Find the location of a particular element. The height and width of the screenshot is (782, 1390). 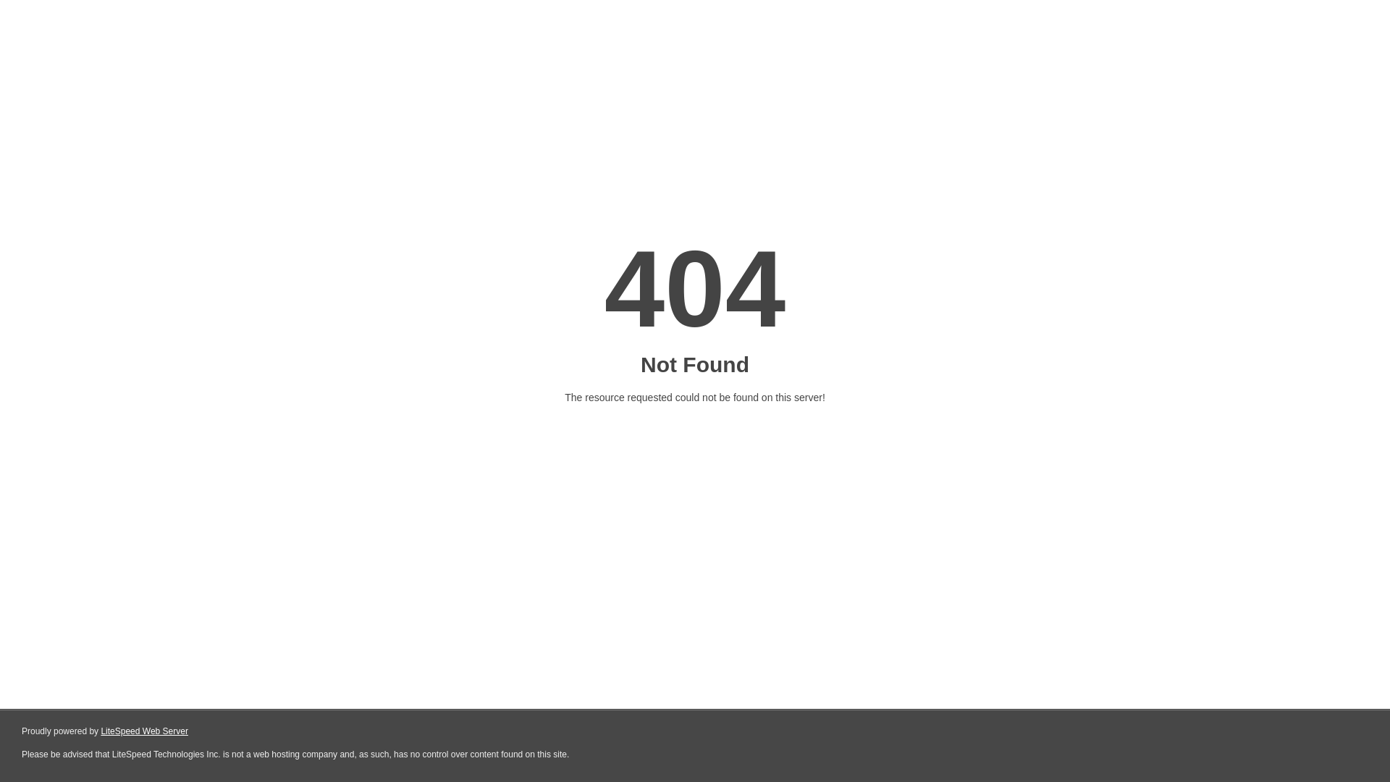

'LiteSpeed Web Server' is located at coordinates (100, 731).